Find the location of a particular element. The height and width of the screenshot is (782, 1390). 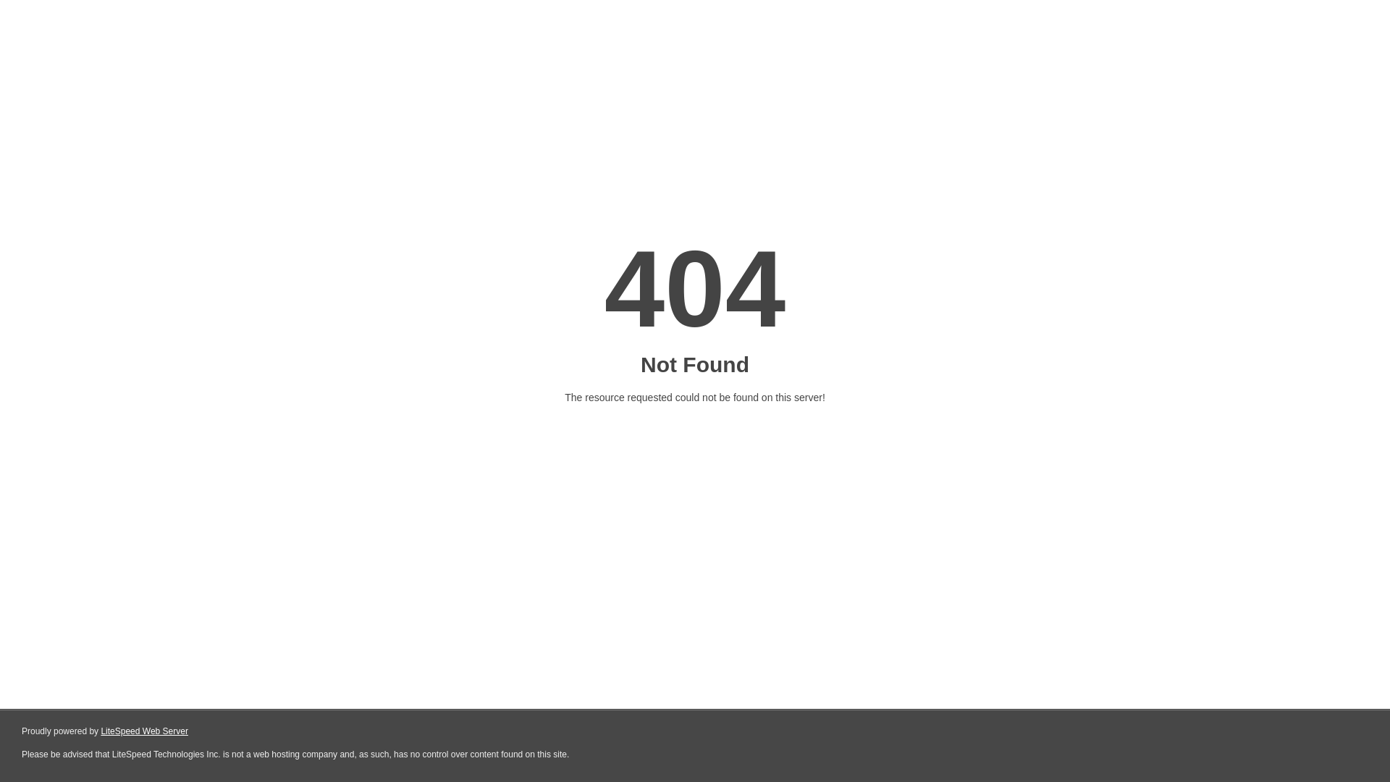

'LiteSpeed Web Server' is located at coordinates (100, 731).